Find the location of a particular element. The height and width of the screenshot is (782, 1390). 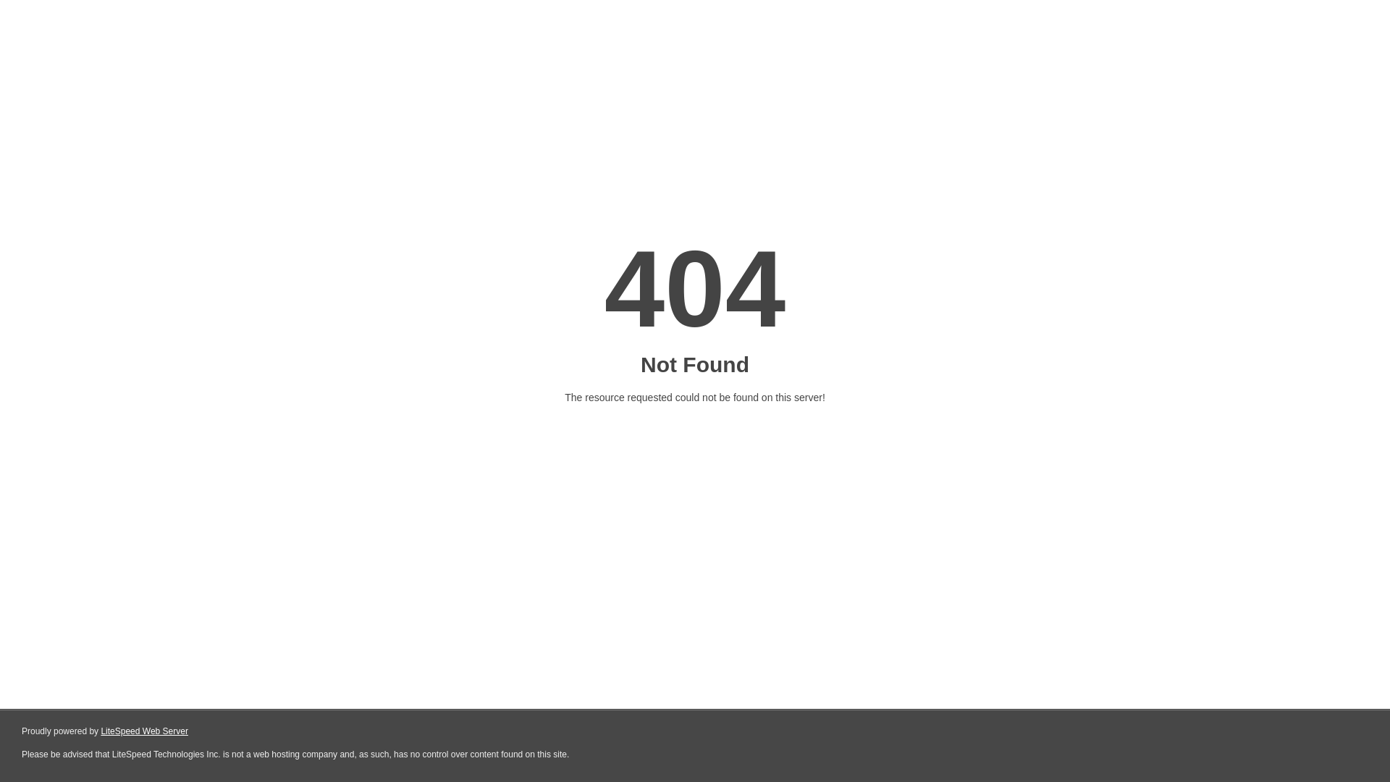

'LiteSpeed Web Server' is located at coordinates (100, 731).